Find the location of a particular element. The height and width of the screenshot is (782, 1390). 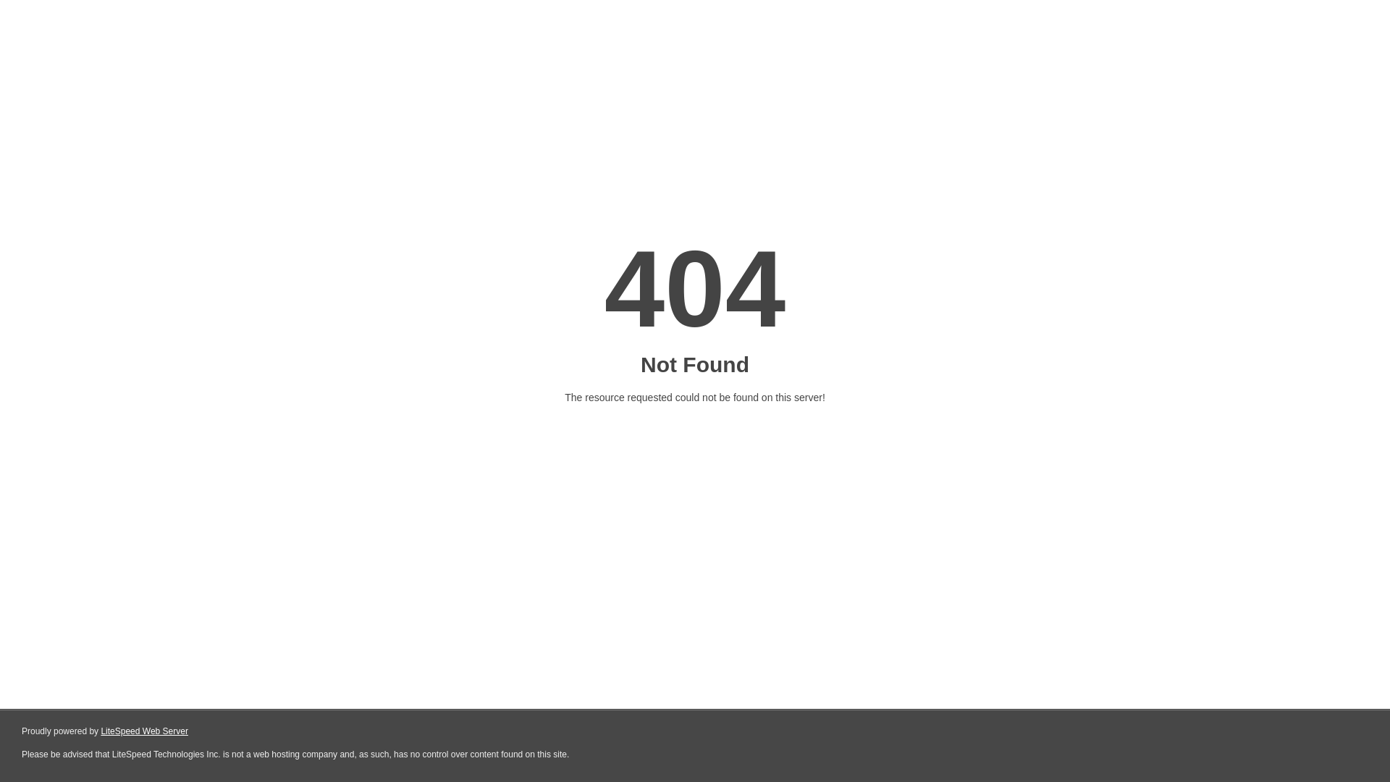

'LiteSpeed Web Server' is located at coordinates (100, 731).